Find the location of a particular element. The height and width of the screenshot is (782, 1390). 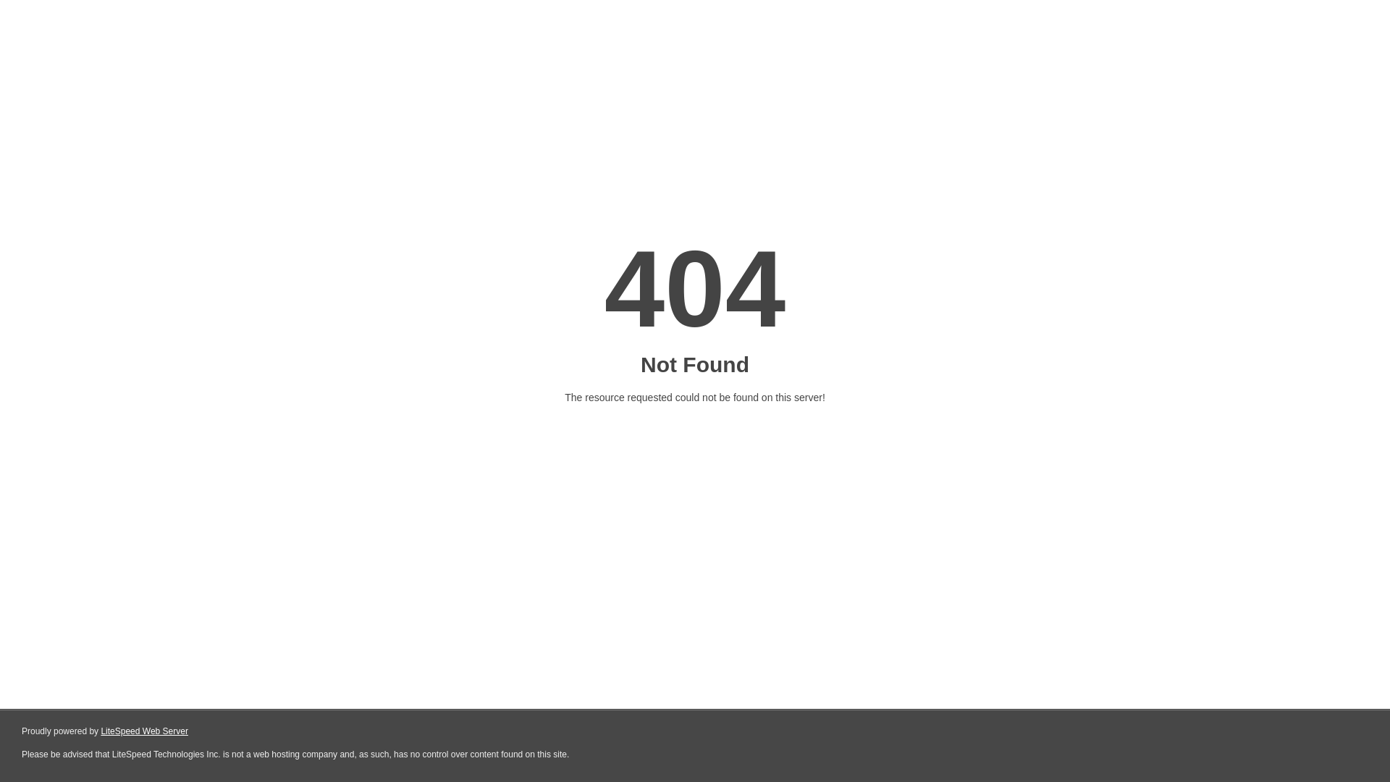

'LiteSpeed Web Server' is located at coordinates (100, 731).